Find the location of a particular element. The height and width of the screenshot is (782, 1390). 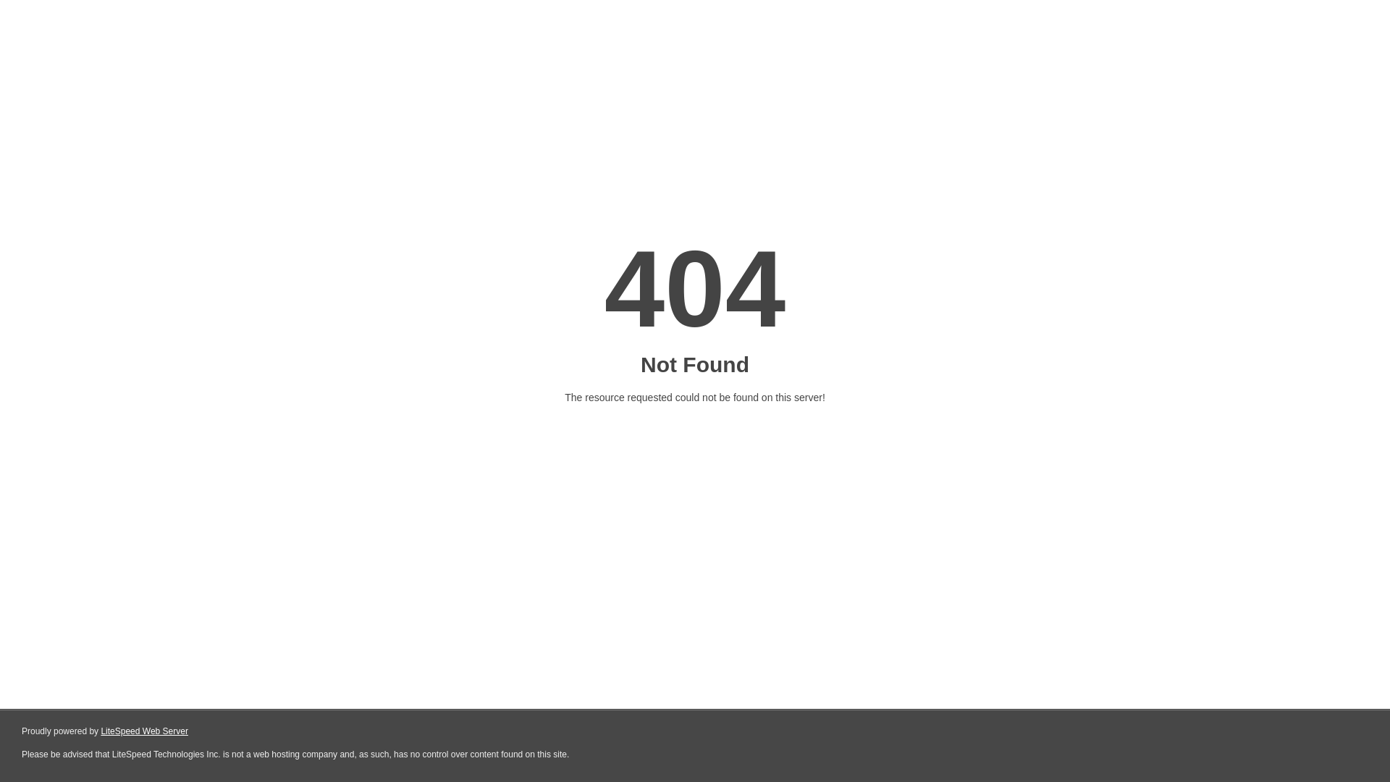

'LiteSpeed Web Server' is located at coordinates (100, 731).